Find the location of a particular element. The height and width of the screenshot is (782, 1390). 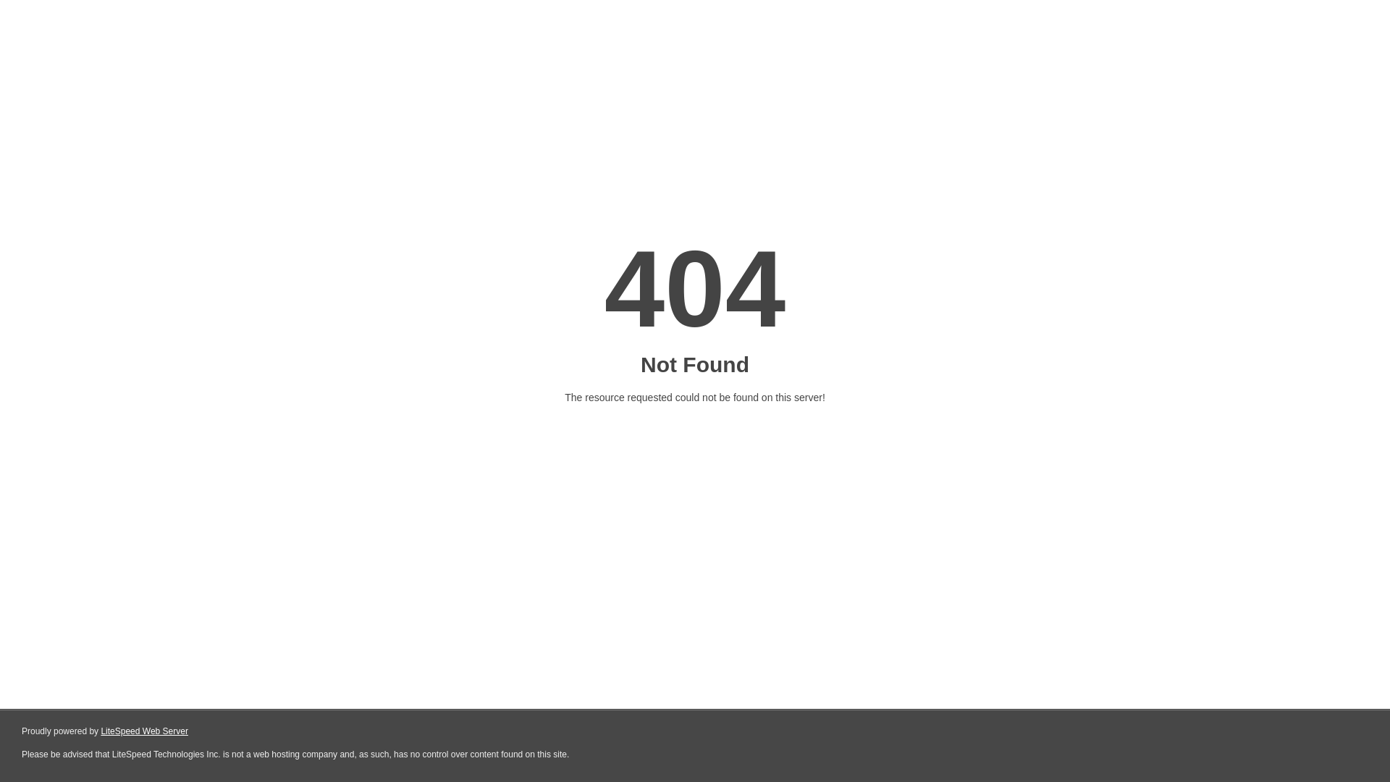

'LiteSpeed Web Server' is located at coordinates (100, 731).